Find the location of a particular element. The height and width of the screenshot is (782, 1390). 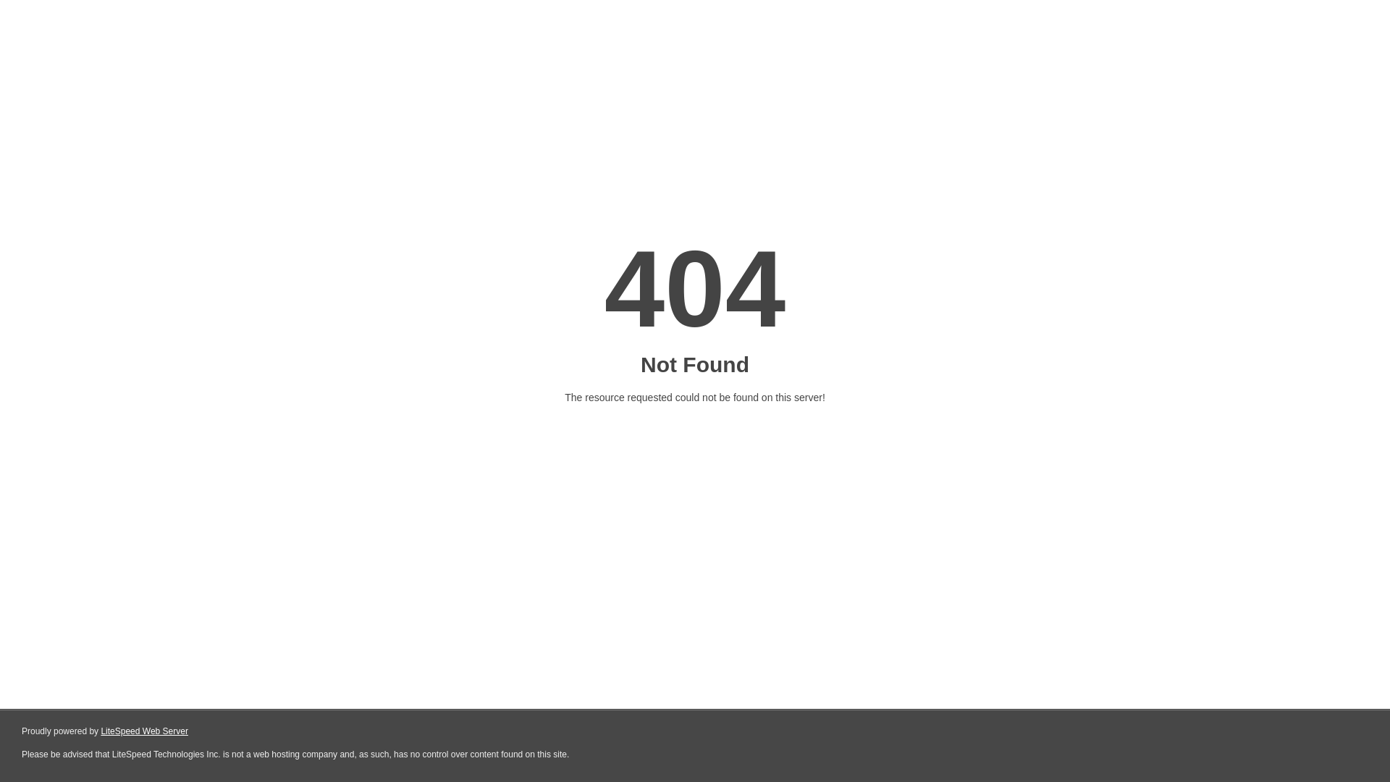

'LiteSpeed Web Server' is located at coordinates (100, 731).